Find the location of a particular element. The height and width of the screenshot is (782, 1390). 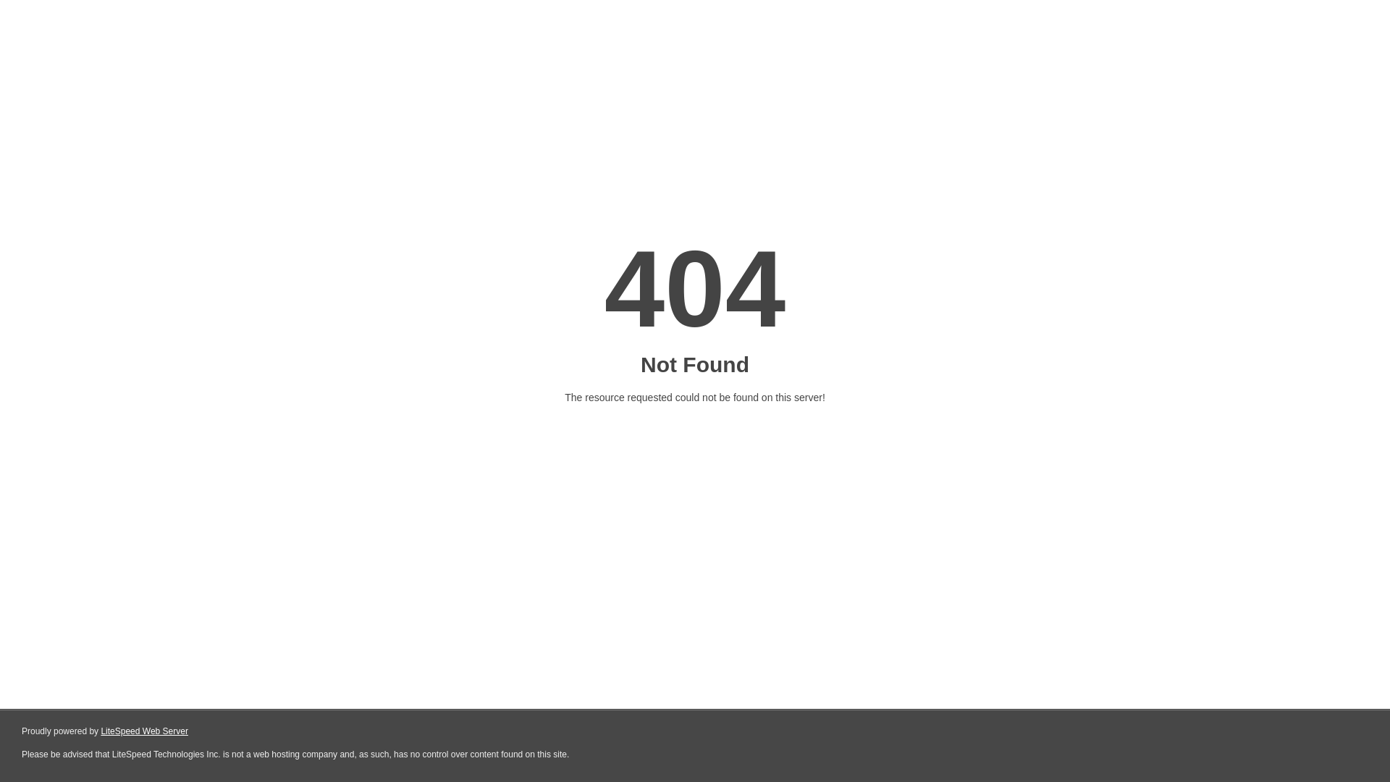

'LiteSpeed Web Server' is located at coordinates (100, 731).